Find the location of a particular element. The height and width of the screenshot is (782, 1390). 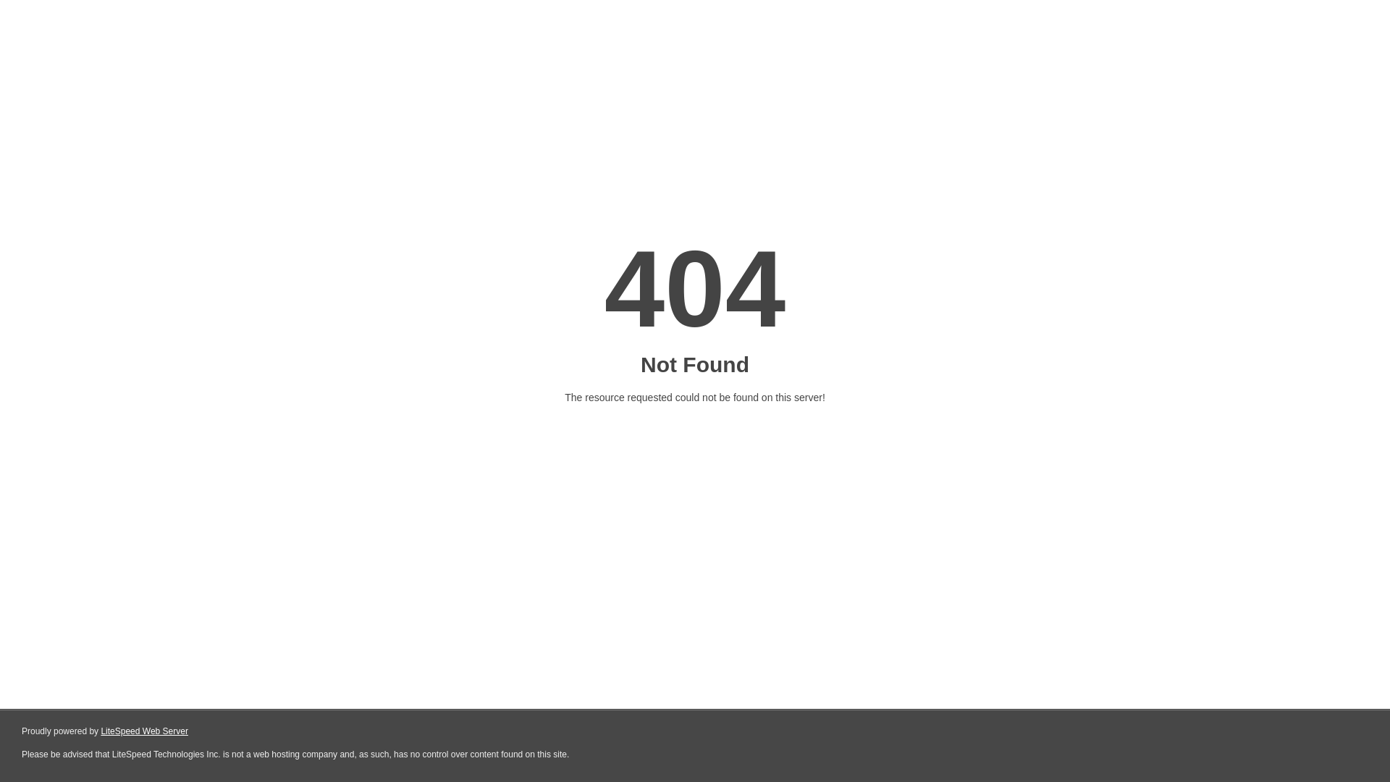

'LiteSpeed Web Server' is located at coordinates (100, 731).